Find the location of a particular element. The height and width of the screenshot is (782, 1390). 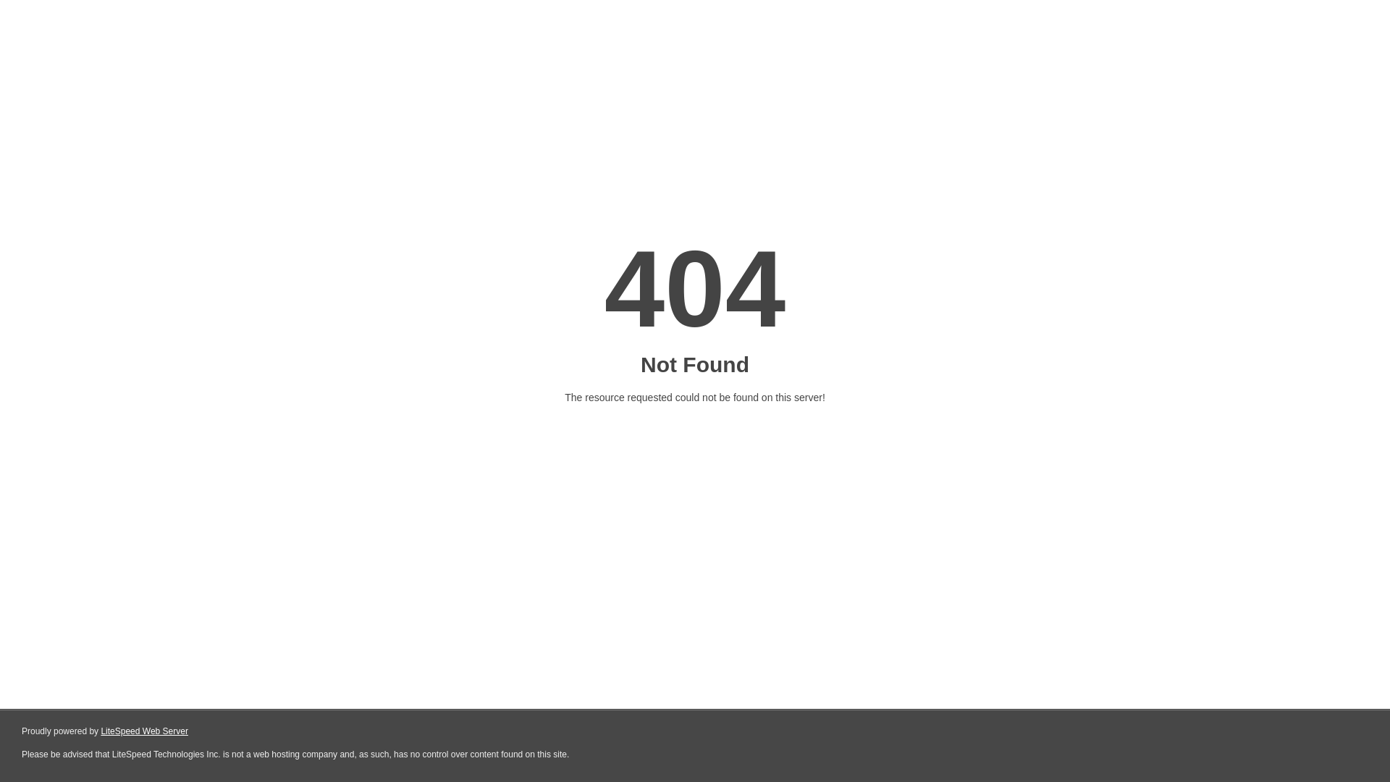

'LiteSpeed Web Server' is located at coordinates (100, 731).